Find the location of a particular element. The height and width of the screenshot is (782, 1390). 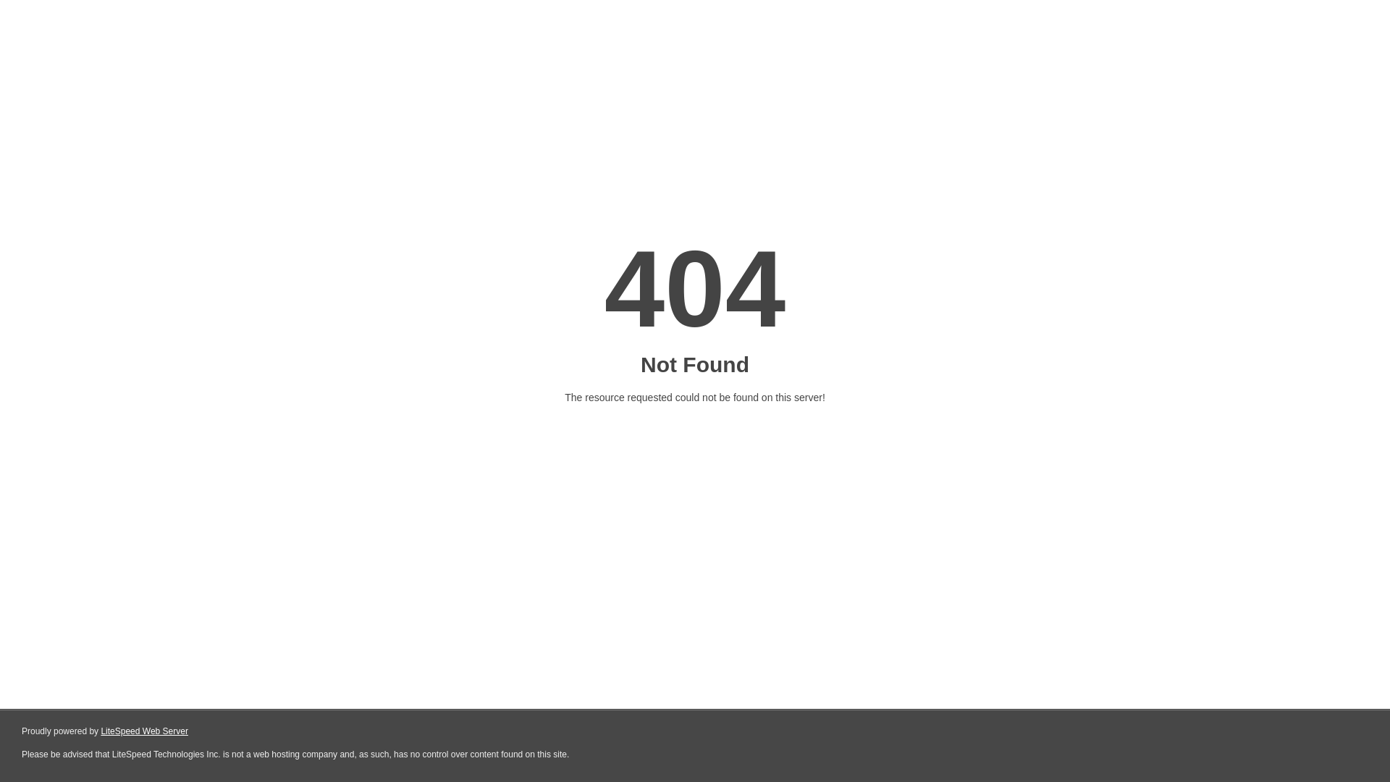

'LiteSpeed Web Server' is located at coordinates (100, 731).